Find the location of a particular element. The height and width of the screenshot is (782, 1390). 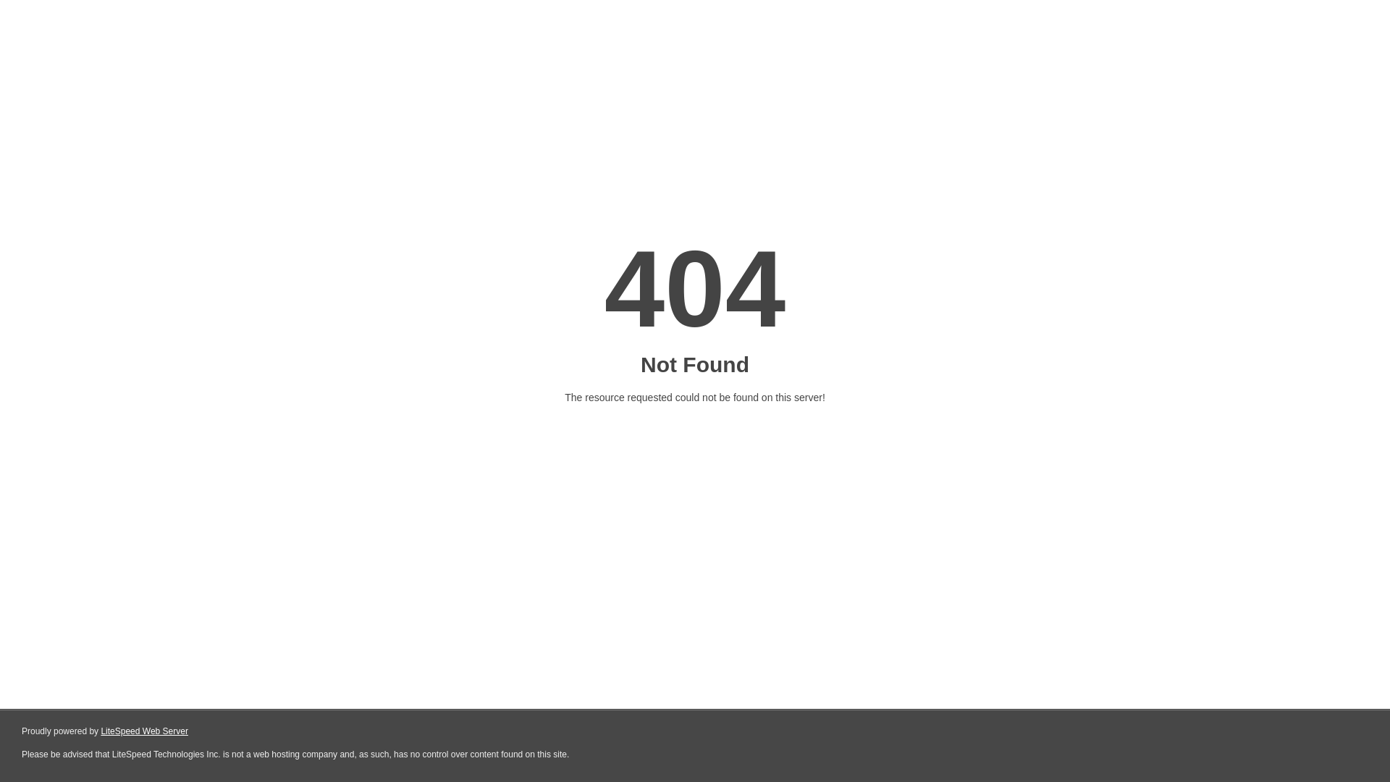

'LiteSpeed Web Server' is located at coordinates (100, 731).